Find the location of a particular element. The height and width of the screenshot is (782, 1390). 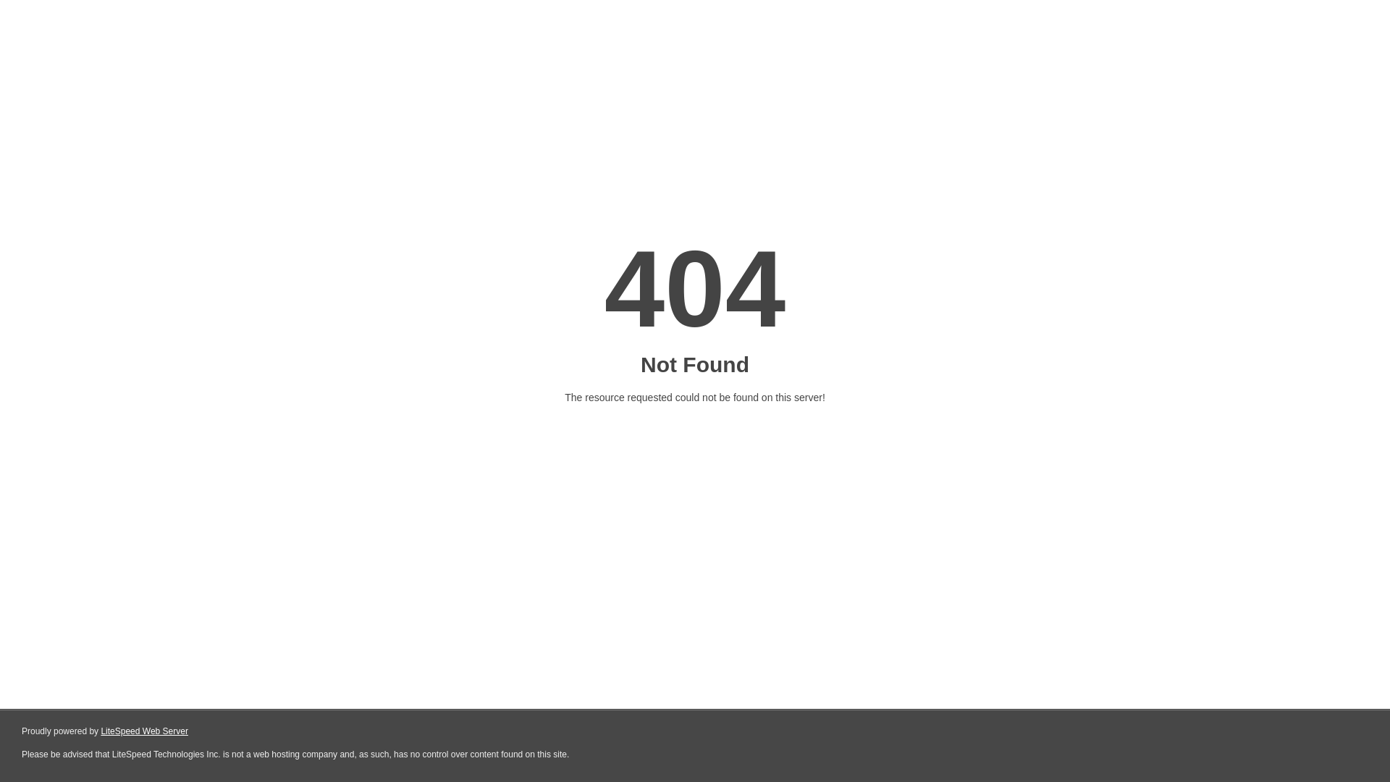

'LiteSpeed Web Server' is located at coordinates (100, 731).